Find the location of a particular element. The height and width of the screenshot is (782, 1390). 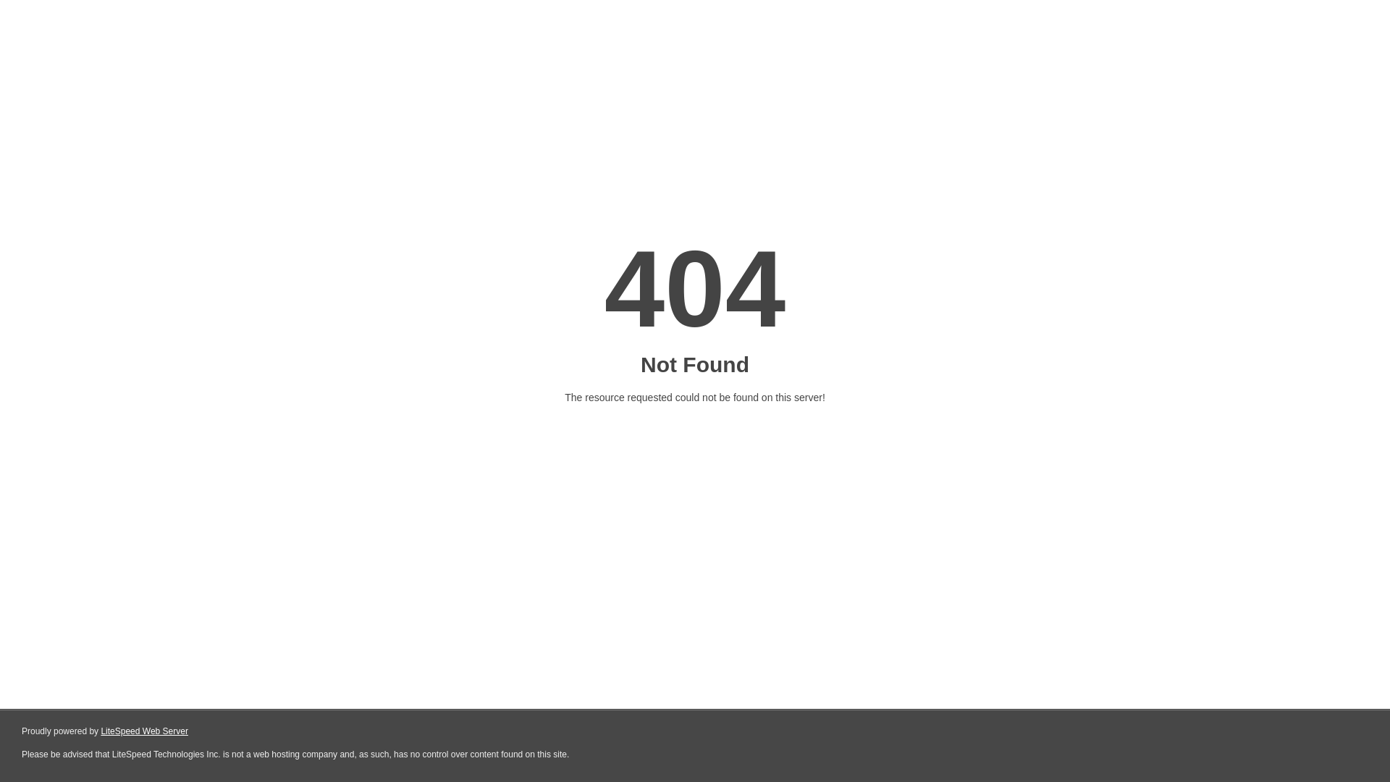

'LiteSpeed Web Server' is located at coordinates (100, 731).